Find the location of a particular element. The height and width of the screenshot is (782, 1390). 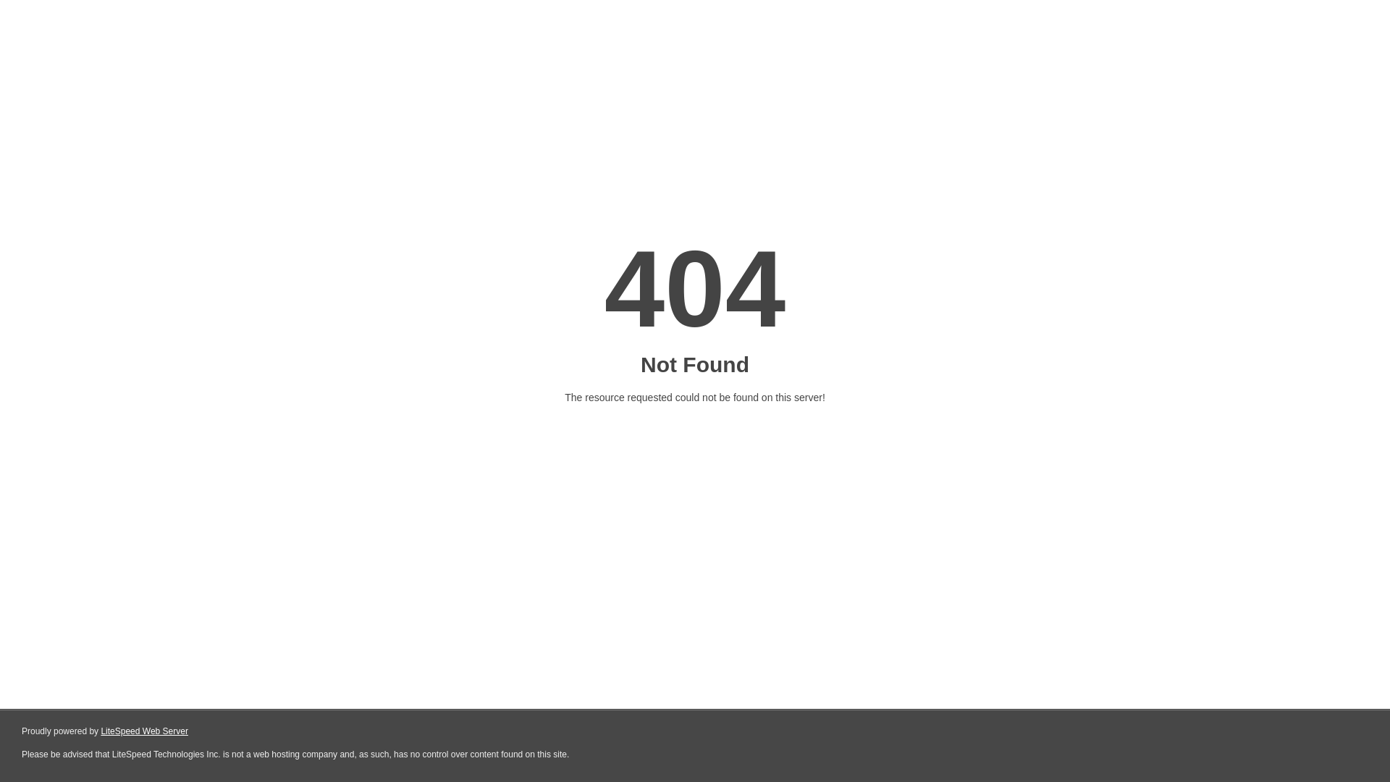

'LiteSpeed Web Server' is located at coordinates (100, 731).